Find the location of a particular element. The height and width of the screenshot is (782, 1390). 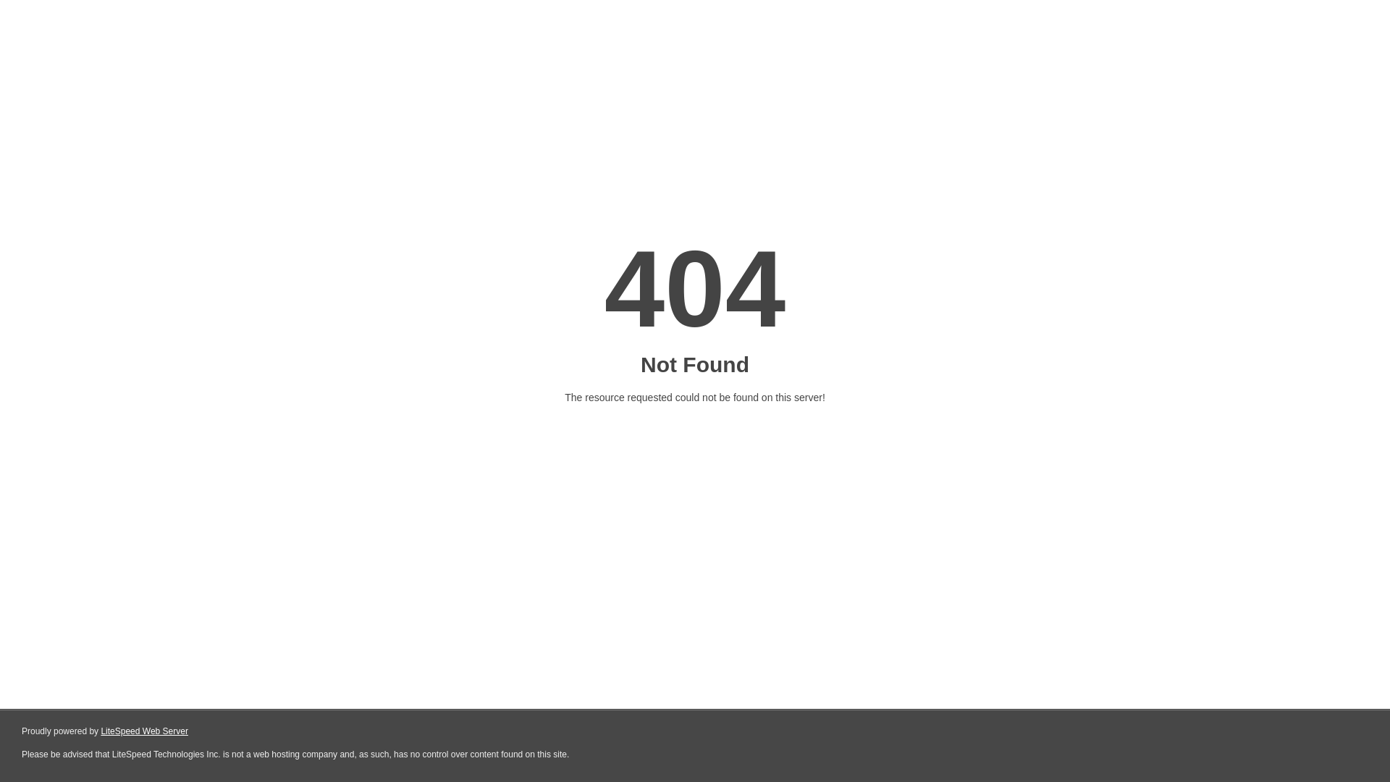

'LiteSpeed Web Server' is located at coordinates (100, 731).